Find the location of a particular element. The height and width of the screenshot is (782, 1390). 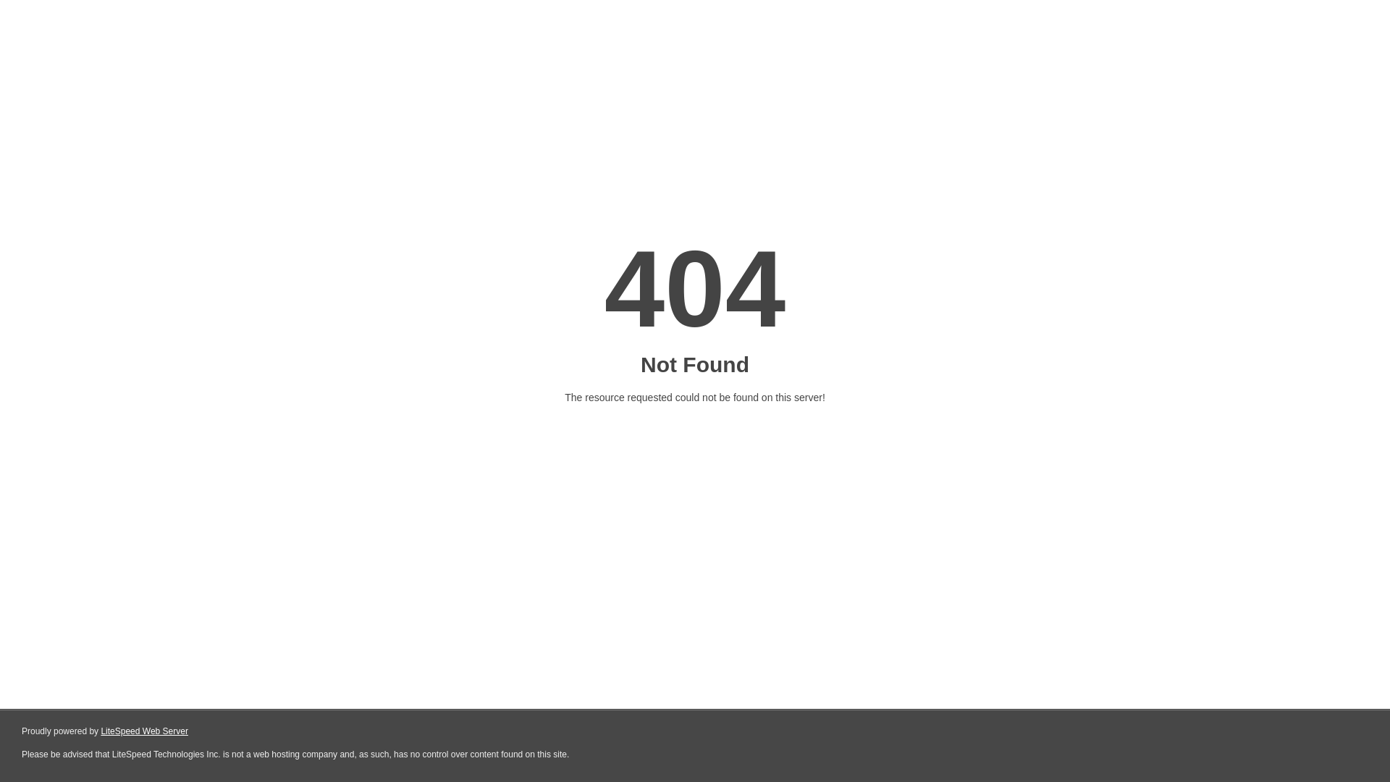

'LiteSpeed Web Server' is located at coordinates (100, 731).